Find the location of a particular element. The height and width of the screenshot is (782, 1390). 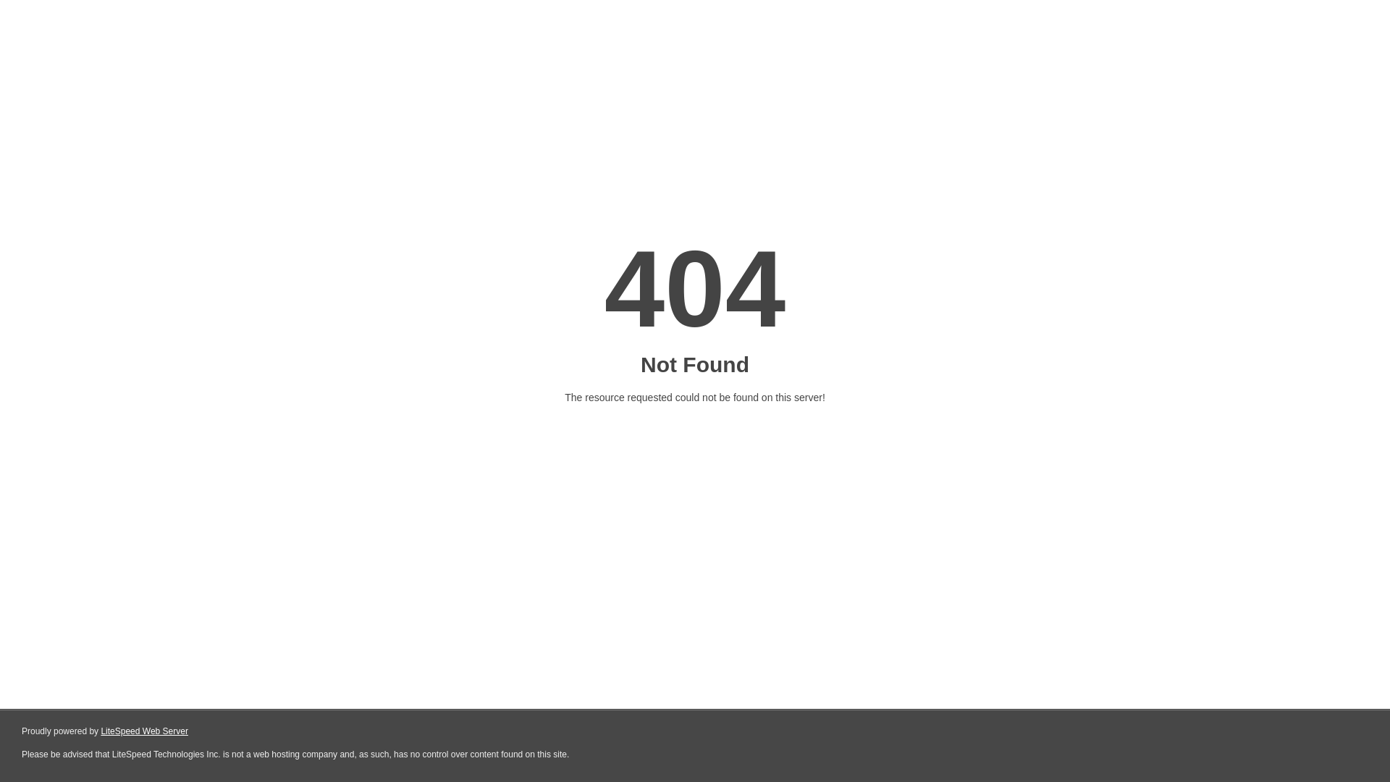

'LiteSpeed Web Server' is located at coordinates (100, 731).